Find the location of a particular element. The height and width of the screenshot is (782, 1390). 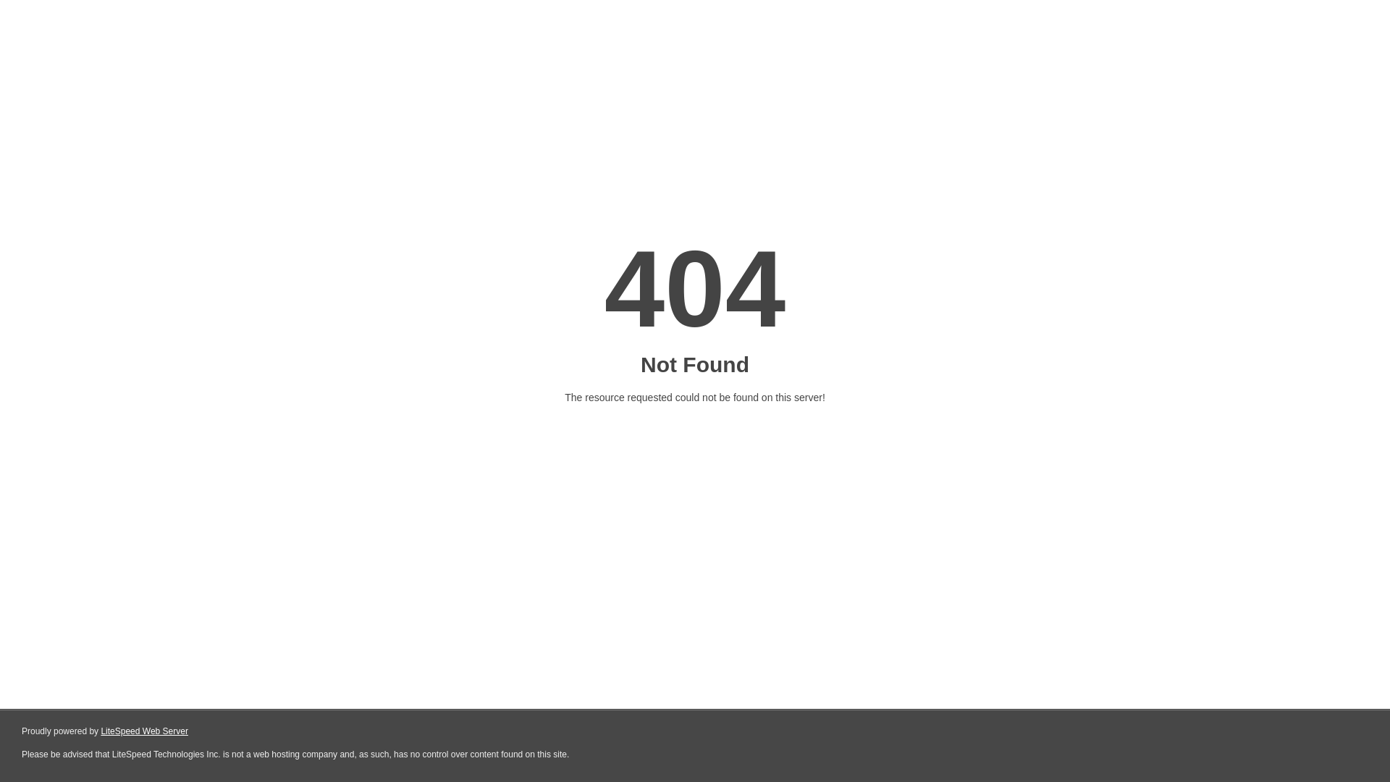

'LiteSpeed Web Server' is located at coordinates (100, 731).